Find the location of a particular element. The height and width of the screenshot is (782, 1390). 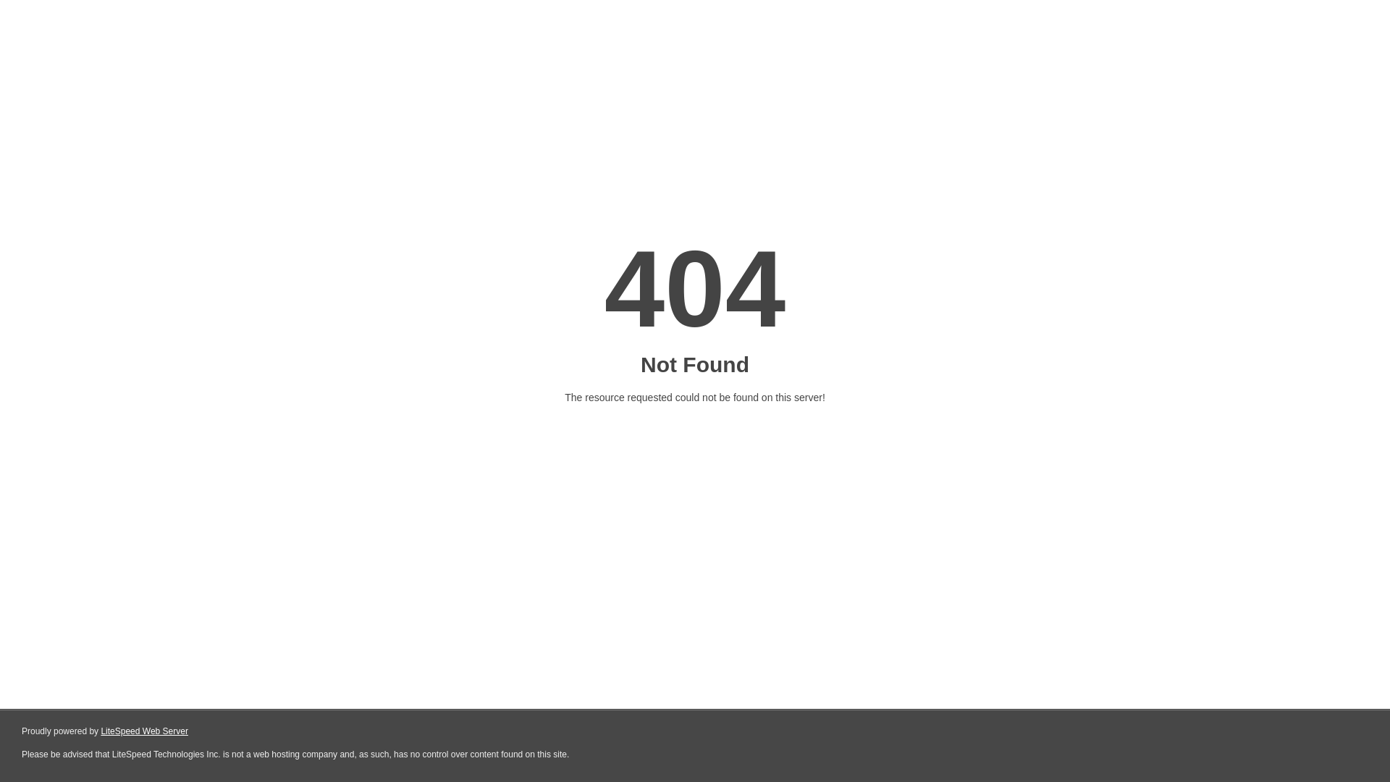

'LiteSpeed Web Server' is located at coordinates (100, 731).